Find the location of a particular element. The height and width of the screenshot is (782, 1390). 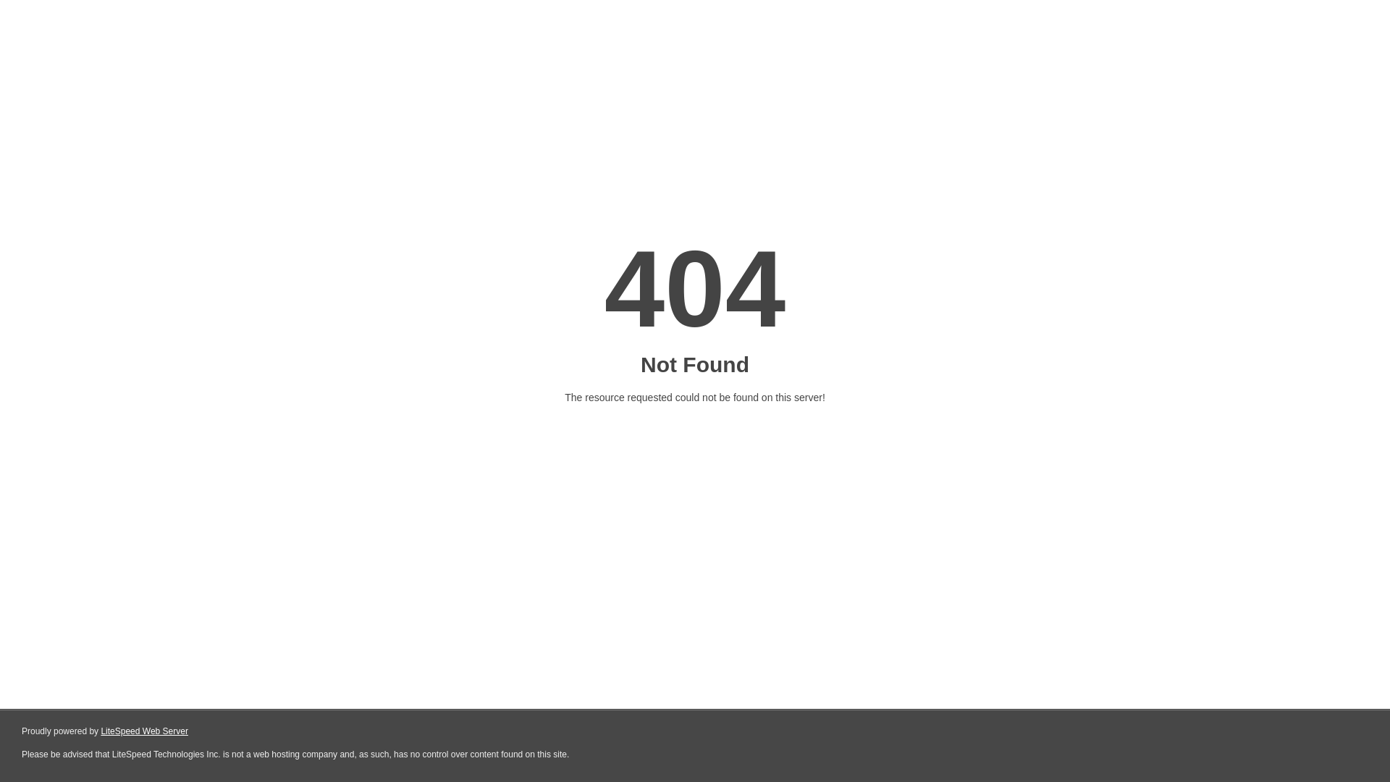

'LiteSpeed Web Server' is located at coordinates (100, 731).